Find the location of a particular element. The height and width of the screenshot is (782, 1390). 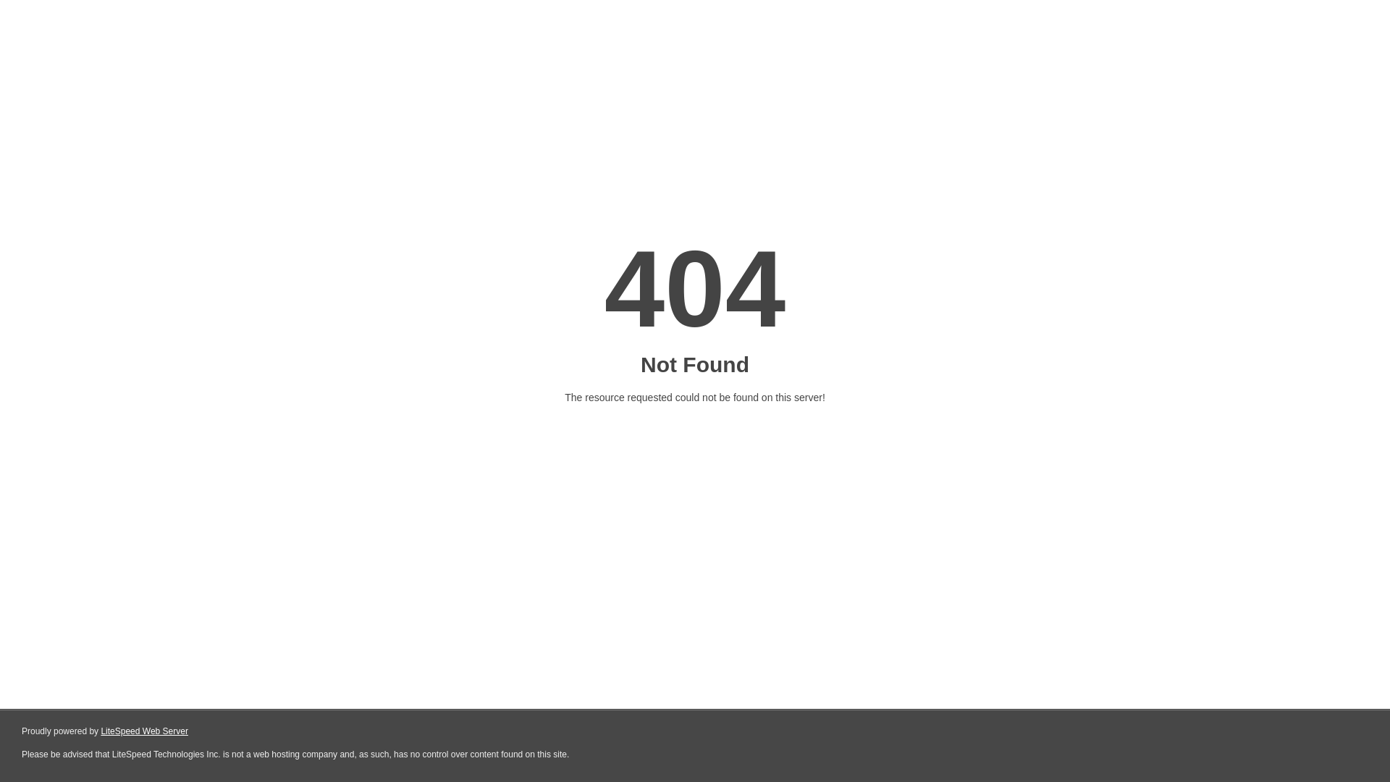

'LiteSpeed Web Server' is located at coordinates (100, 731).